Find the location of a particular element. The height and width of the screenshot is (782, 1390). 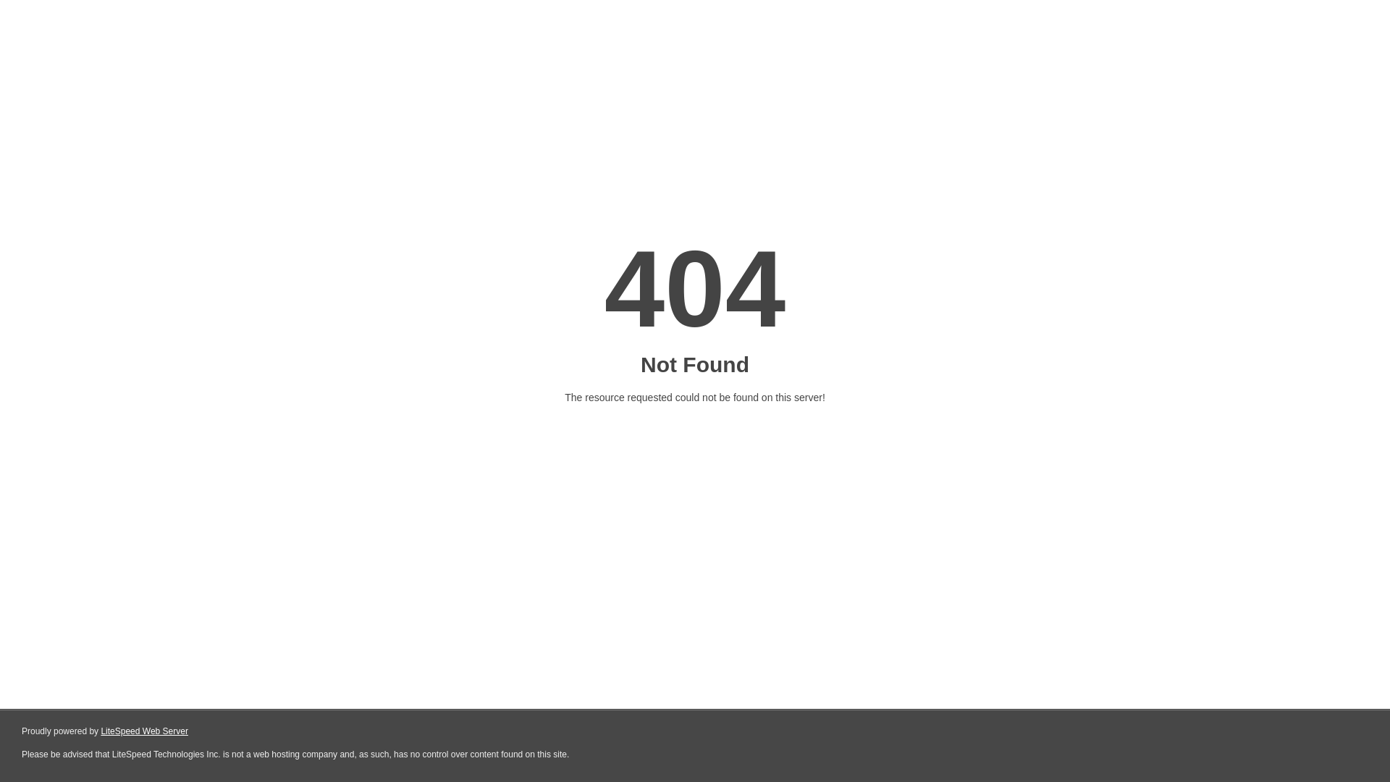

'LiteSpeed Web Server' is located at coordinates (100, 731).